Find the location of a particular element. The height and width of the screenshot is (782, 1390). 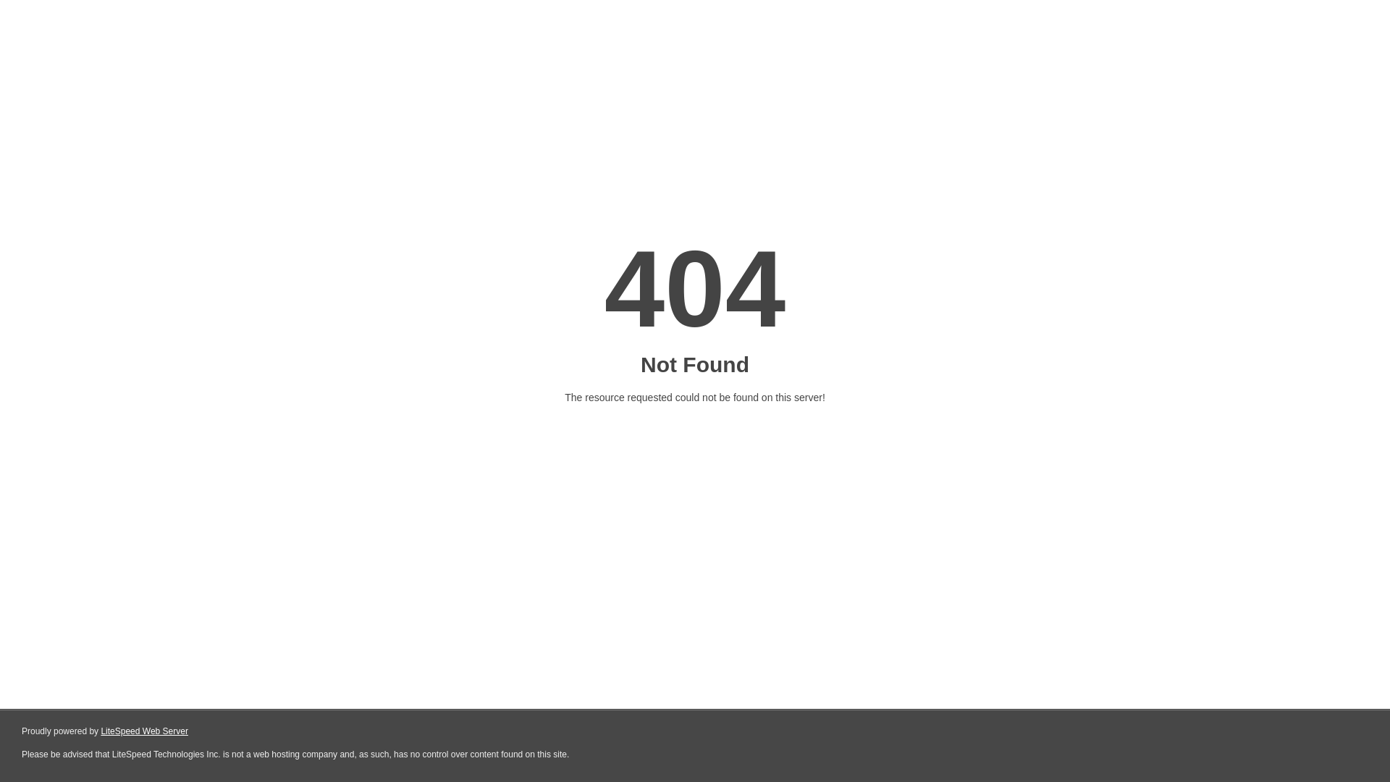

'LiteSpeed Web Server' is located at coordinates (100, 731).